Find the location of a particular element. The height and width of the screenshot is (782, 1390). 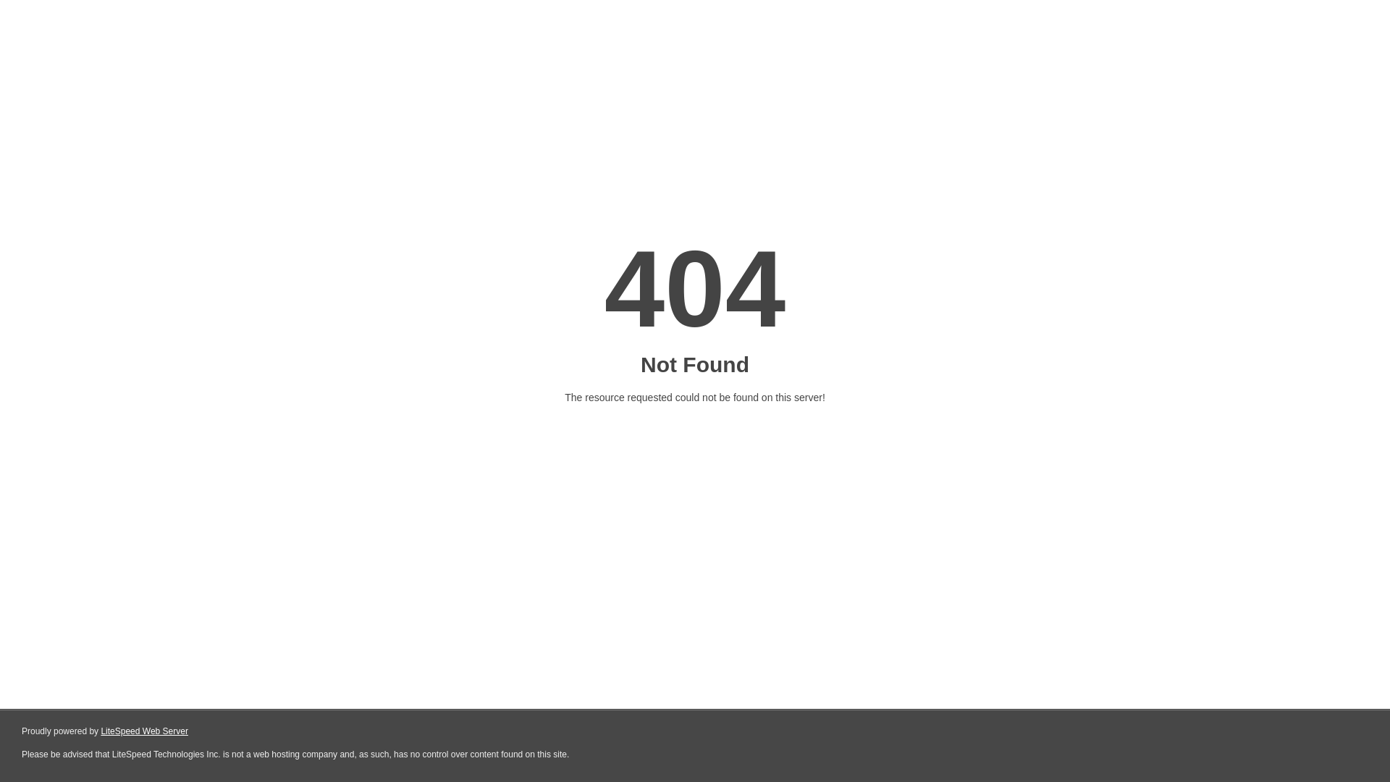

'LiteSpeed Web Server' is located at coordinates (100, 731).